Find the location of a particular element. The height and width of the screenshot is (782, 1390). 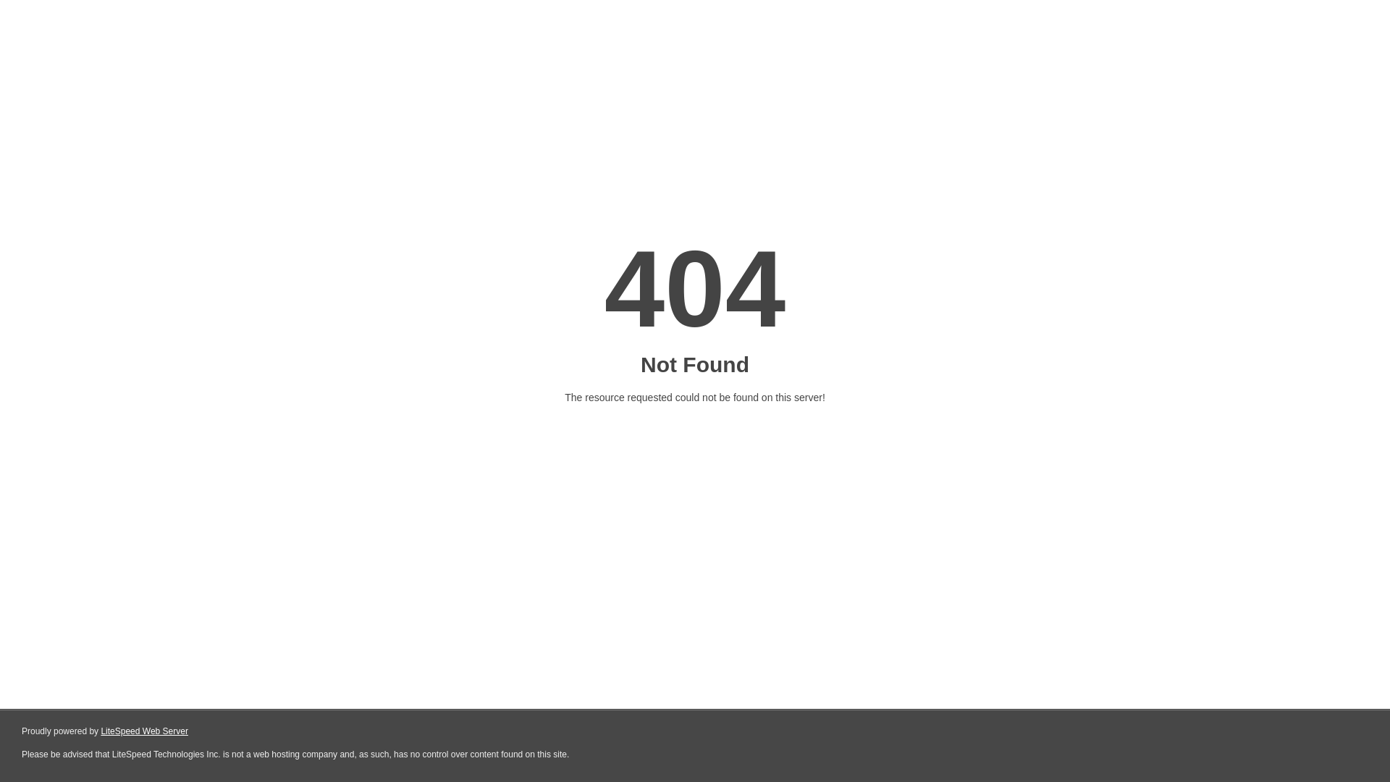

'LiteSpeed Web Server' is located at coordinates (100, 731).